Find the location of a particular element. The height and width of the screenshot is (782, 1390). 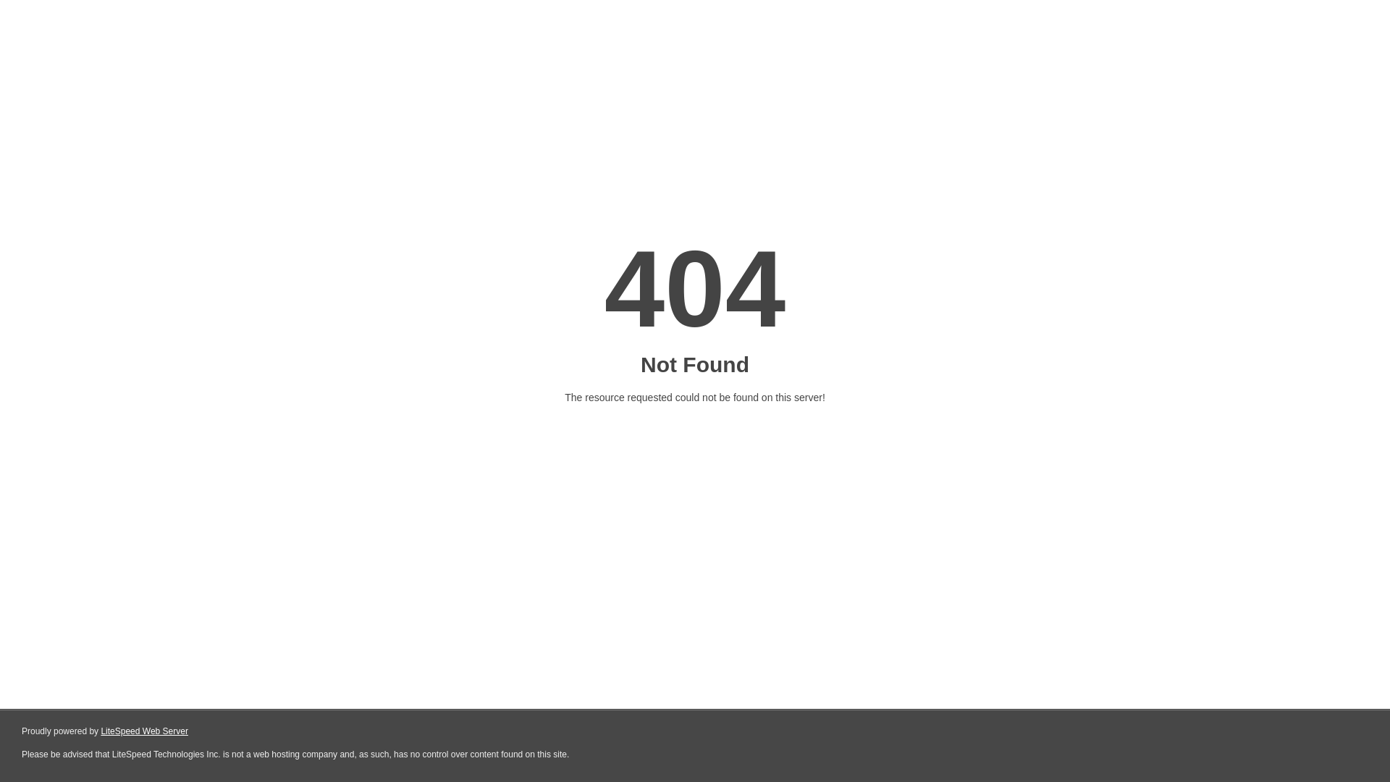

'LiteSpeed Web Server' is located at coordinates (100, 731).